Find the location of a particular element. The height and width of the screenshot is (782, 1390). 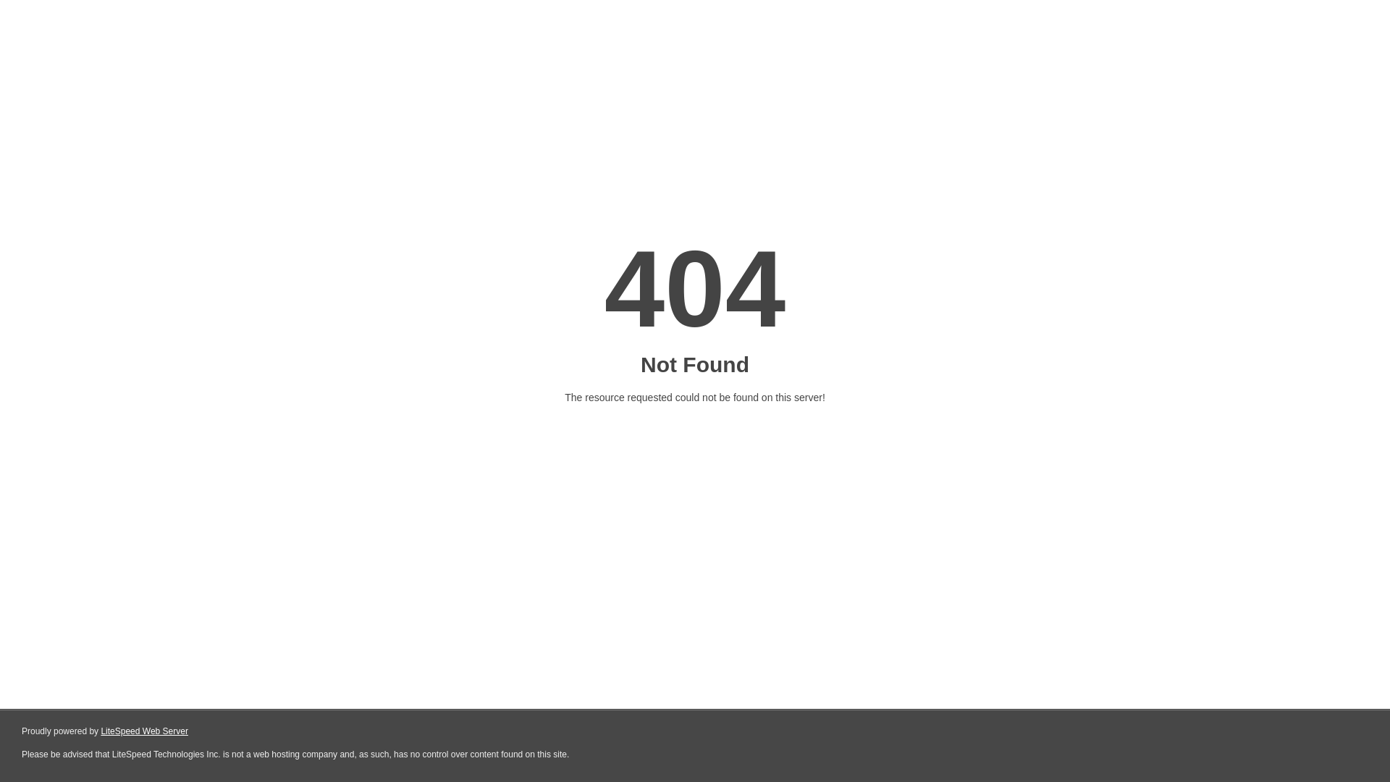

'LiteSpeed Web Server' is located at coordinates (100, 731).